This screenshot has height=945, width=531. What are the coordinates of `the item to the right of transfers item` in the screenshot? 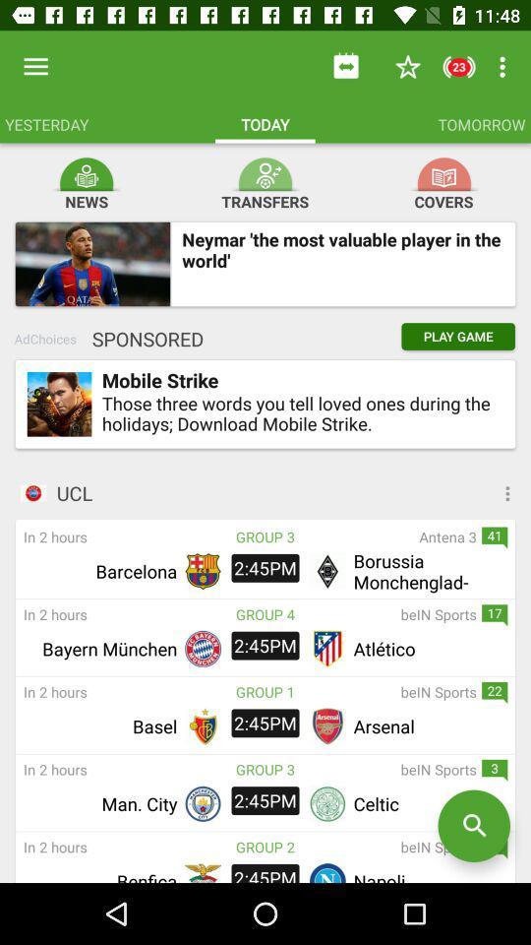 It's located at (443, 174).